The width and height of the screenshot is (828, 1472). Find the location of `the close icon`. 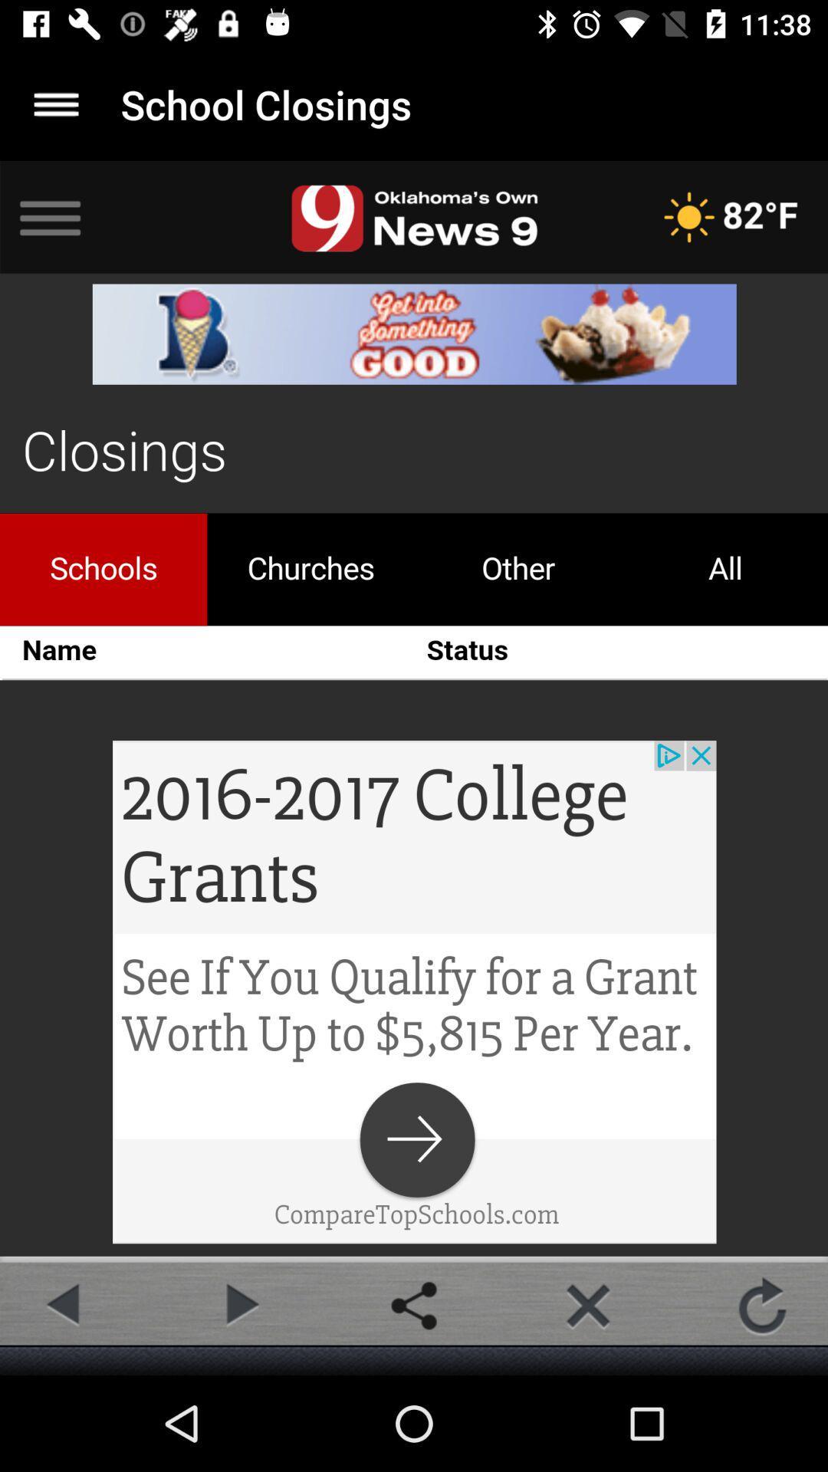

the close icon is located at coordinates (587, 1305).